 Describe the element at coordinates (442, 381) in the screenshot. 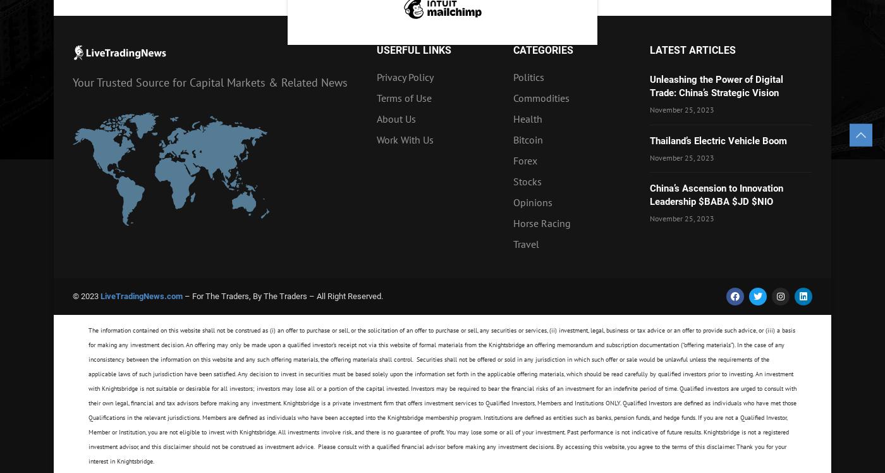

I see `'Securities shall not be offered or sold in any jurisdiction in which such offer or sale would be unlawful unless the requirements of the applicable laws of such jurisdiction have been satisfied. Any decision to invest in securities must be based solely upon the information set forth in the applicable offering materials, which should be read carefully by qualified investors prior to investing. An investment with Knightsbridge is not suitable or desirable for all investors; investors may lose all or a portion of the capital invested. Investors may be required to bear the financial risks of an investment for an indefinite period of time. Qualified investors are urged to consult with their own legal, financial and tax advisors before making any investment.'` at that location.